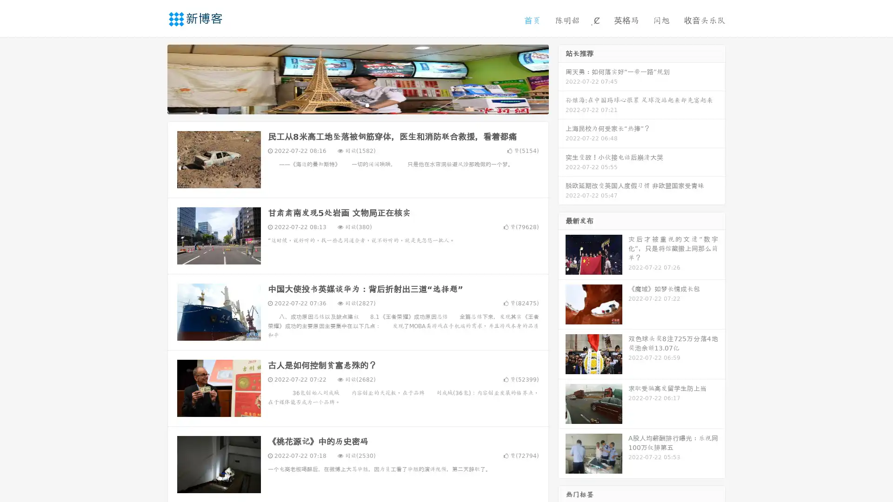  Describe the element at coordinates (367, 105) in the screenshot. I see `Go to slide 3` at that location.